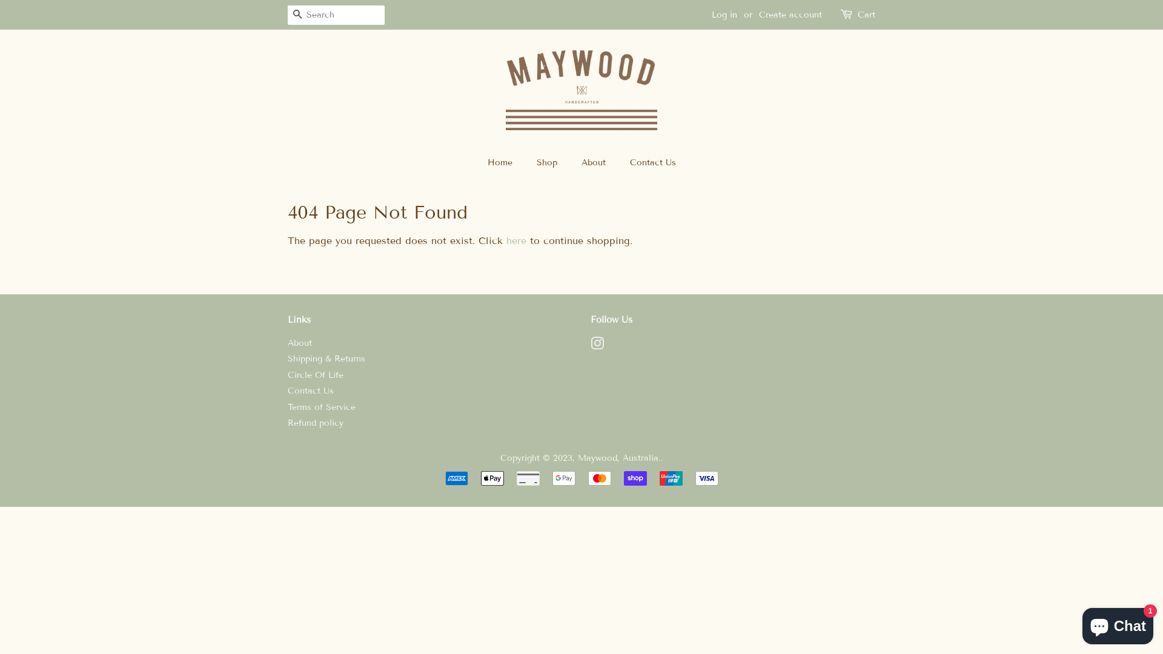 Image resolution: width=1163 pixels, height=654 pixels. I want to click on 'Contact Us', so click(620, 162).